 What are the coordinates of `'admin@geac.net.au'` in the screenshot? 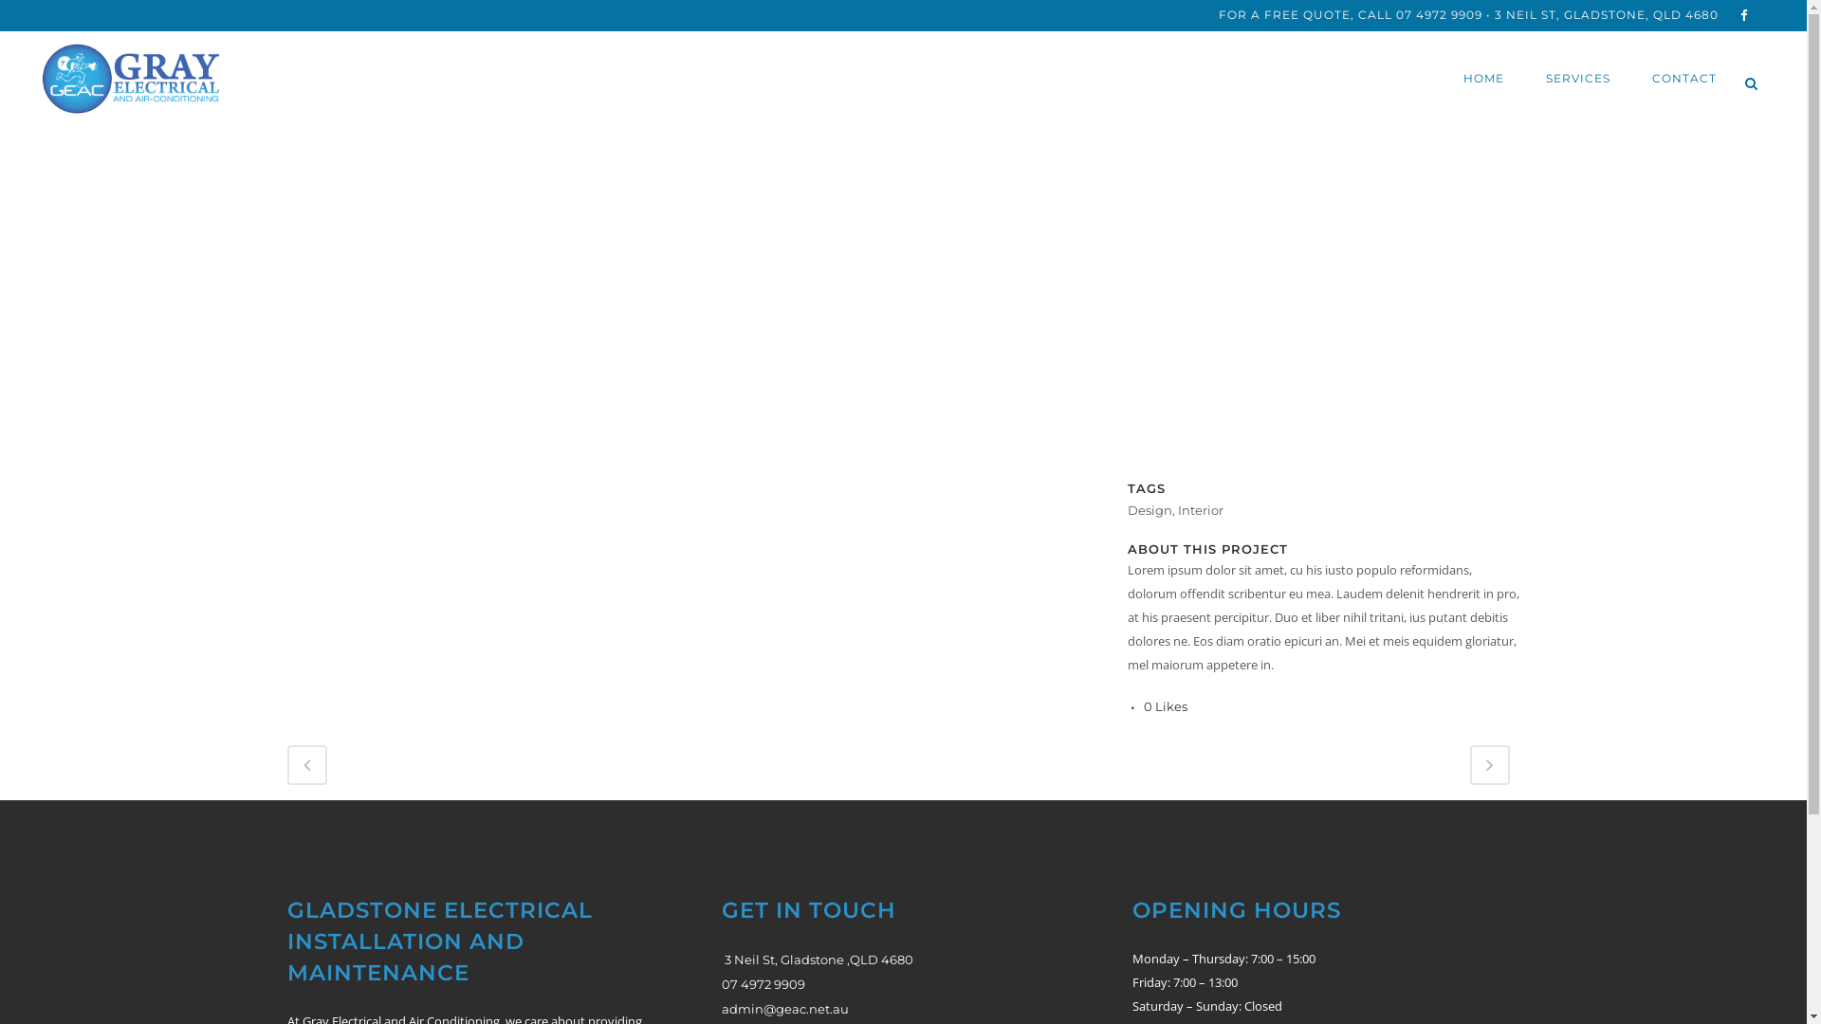 It's located at (785, 1008).